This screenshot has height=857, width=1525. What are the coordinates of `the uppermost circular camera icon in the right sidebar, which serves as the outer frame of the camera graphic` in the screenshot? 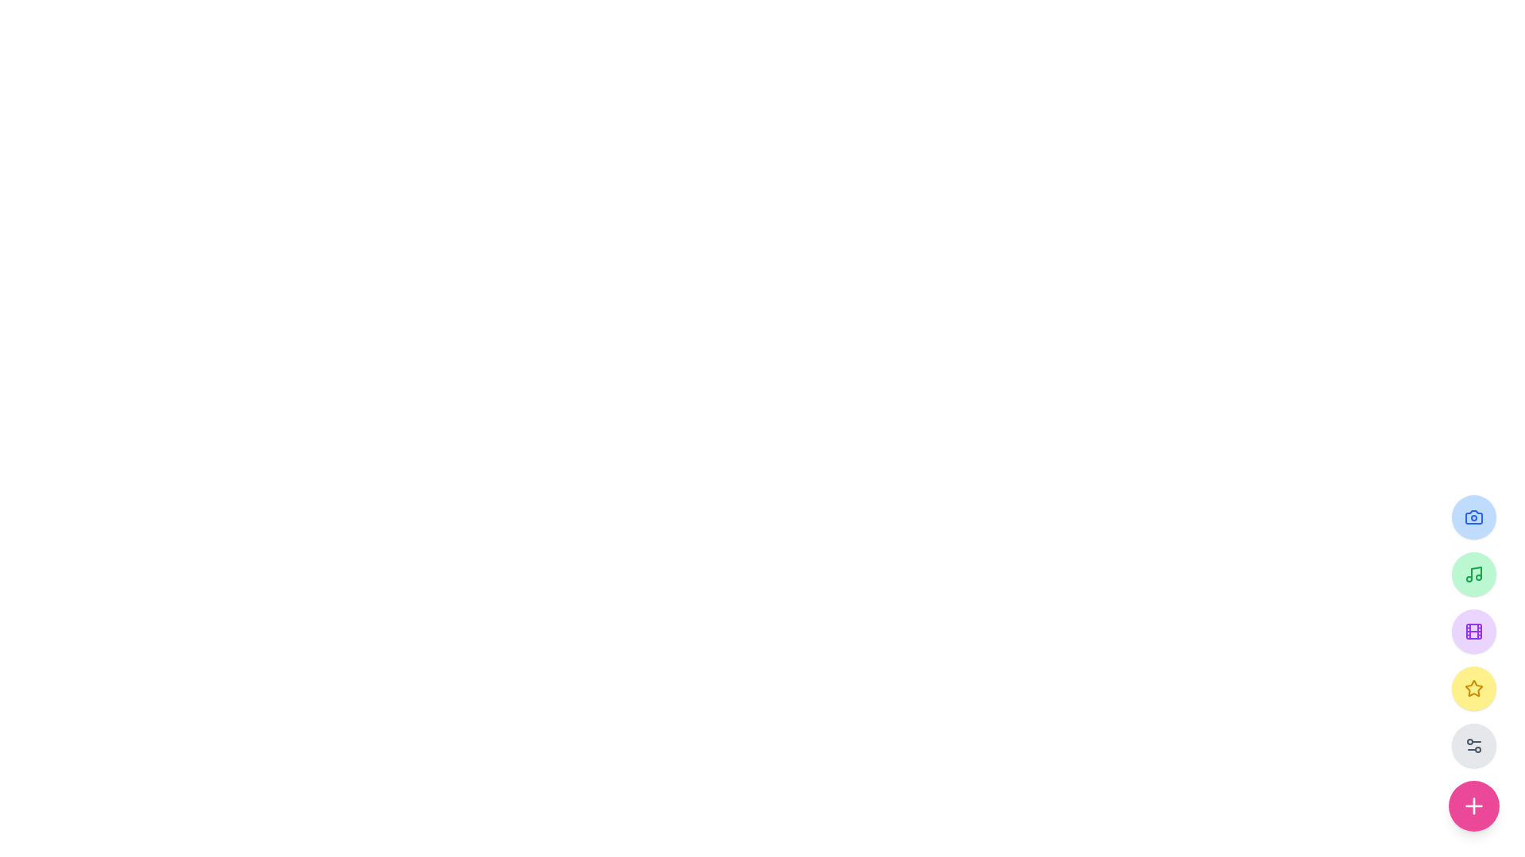 It's located at (1473, 517).